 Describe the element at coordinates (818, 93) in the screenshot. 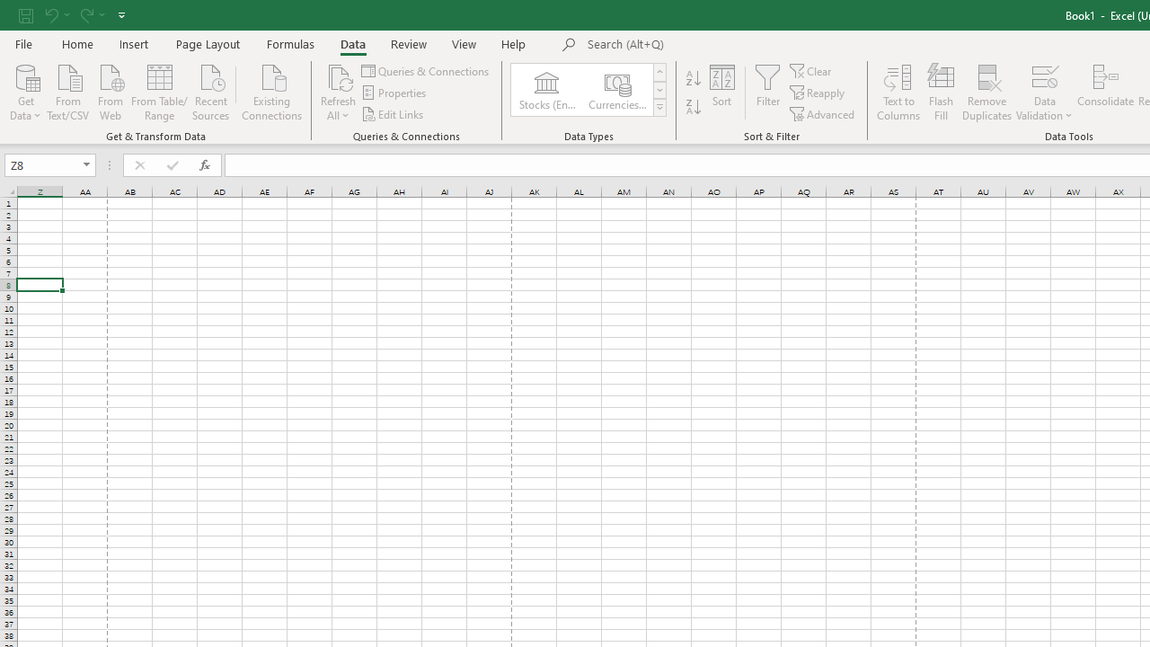

I see `'Reapply'` at that location.